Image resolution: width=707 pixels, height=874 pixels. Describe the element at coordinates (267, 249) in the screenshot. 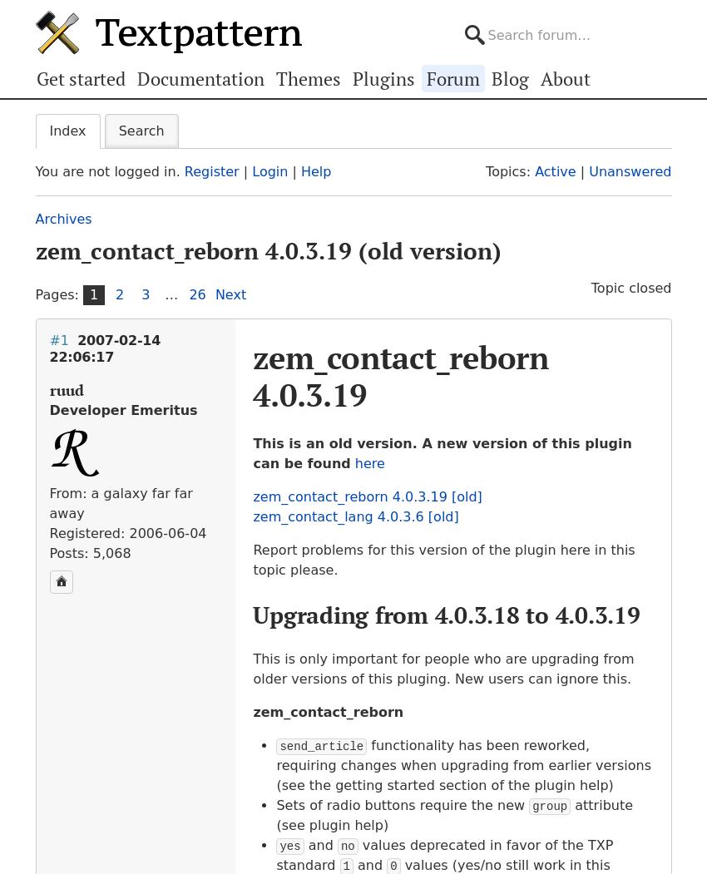

I see `'zem_contact_reborn 4.0.3.19 (old version)'` at that location.